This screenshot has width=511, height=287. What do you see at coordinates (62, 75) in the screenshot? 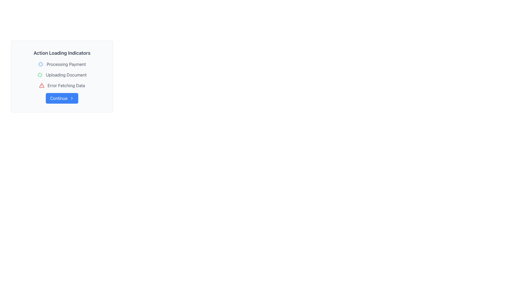
I see `the status indicator element that displays a spinning icon and explanatory text indicating that the system is currently uploading a document, located in the middle section of the list under 'Action Loading Indicators'` at bounding box center [62, 75].